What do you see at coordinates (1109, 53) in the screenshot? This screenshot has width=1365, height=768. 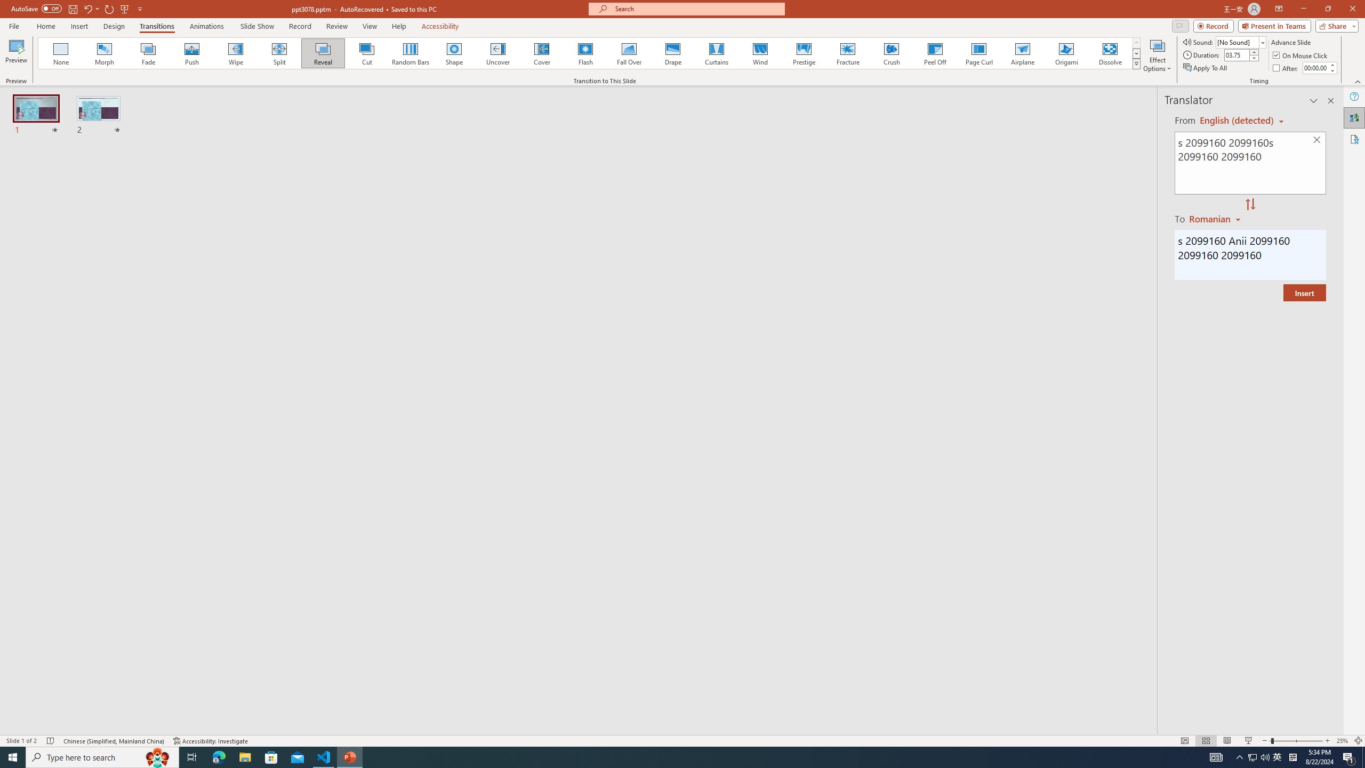 I see `'Dissolve'` at bounding box center [1109, 53].